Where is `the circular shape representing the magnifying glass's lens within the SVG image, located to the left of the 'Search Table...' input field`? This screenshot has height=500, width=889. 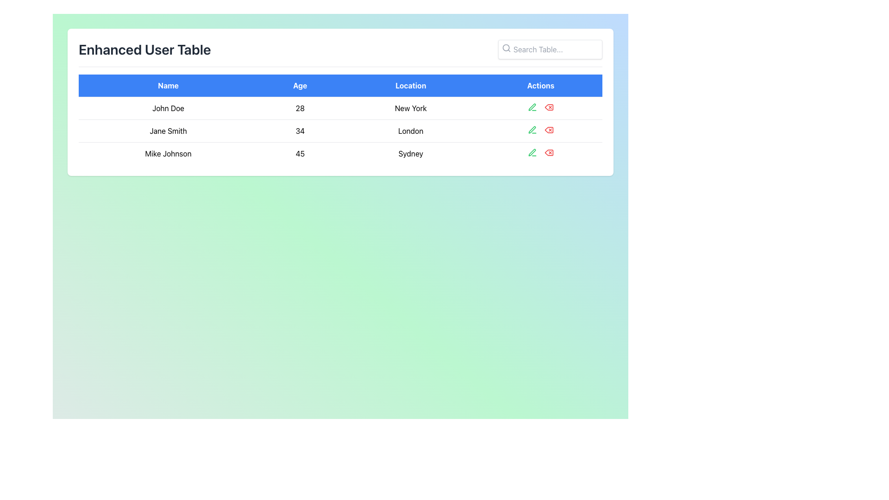
the circular shape representing the magnifying glass's lens within the SVG image, located to the left of the 'Search Table...' input field is located at coordinates (506, 48).